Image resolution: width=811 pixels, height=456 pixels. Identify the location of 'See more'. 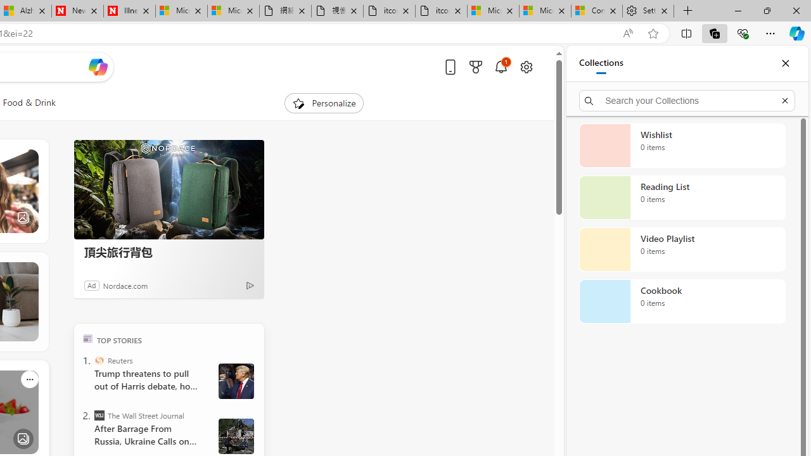
(29, 378).